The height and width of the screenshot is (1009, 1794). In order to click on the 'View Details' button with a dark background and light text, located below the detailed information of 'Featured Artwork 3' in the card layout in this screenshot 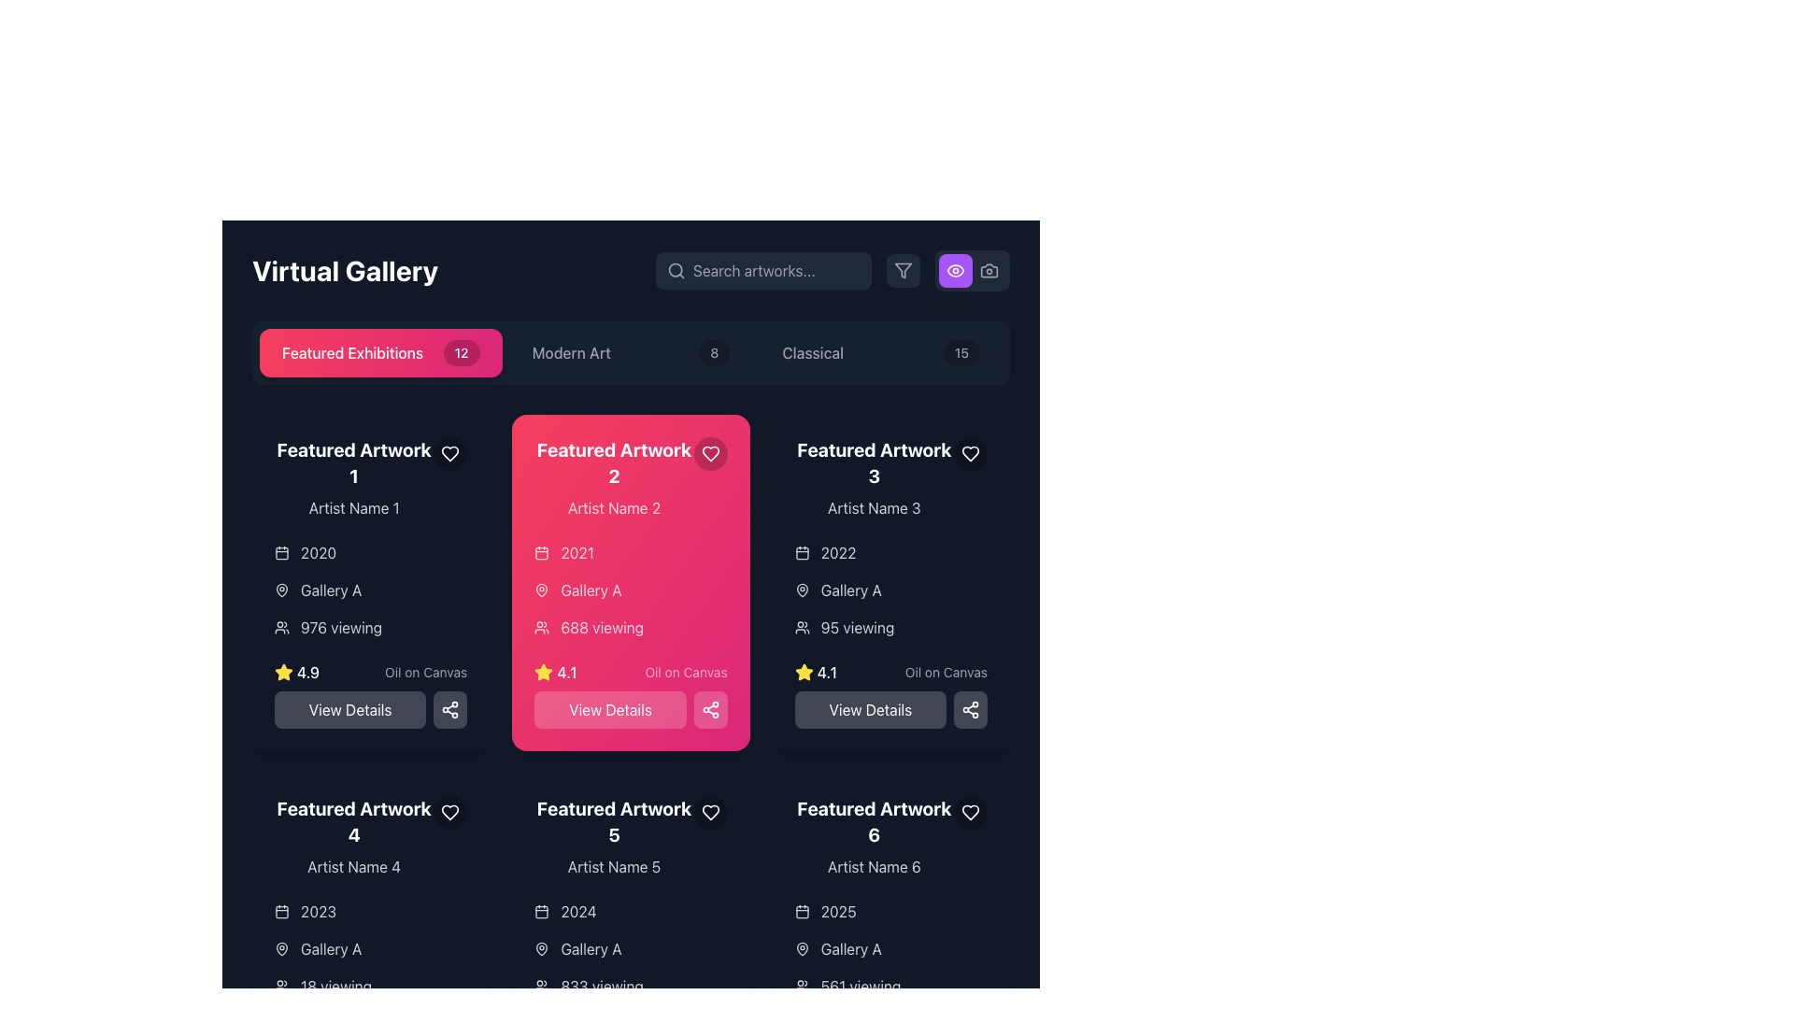, I will do `click(869, 709)`.